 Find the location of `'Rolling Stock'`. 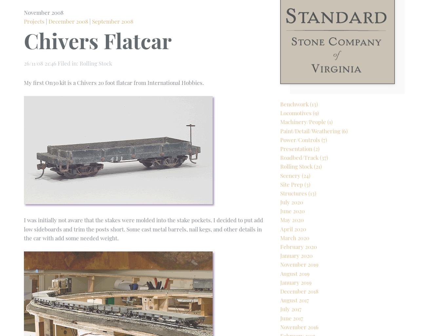

'Rolling Stock' is located at coordinates (70, 63).